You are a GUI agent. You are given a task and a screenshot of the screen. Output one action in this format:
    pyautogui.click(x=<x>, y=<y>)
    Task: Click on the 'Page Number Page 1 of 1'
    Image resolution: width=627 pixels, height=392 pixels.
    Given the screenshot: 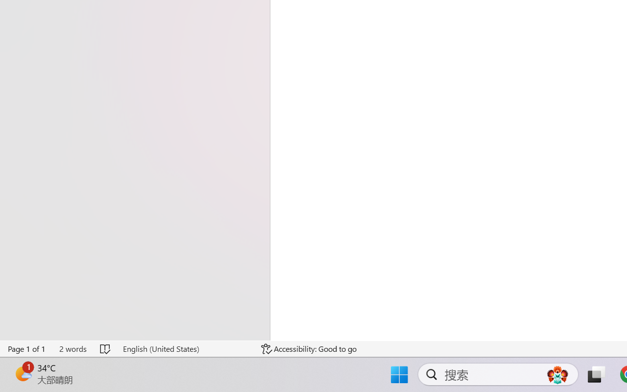 What is the action you would take?
    pyautogui.click(x=27, y=348)
    